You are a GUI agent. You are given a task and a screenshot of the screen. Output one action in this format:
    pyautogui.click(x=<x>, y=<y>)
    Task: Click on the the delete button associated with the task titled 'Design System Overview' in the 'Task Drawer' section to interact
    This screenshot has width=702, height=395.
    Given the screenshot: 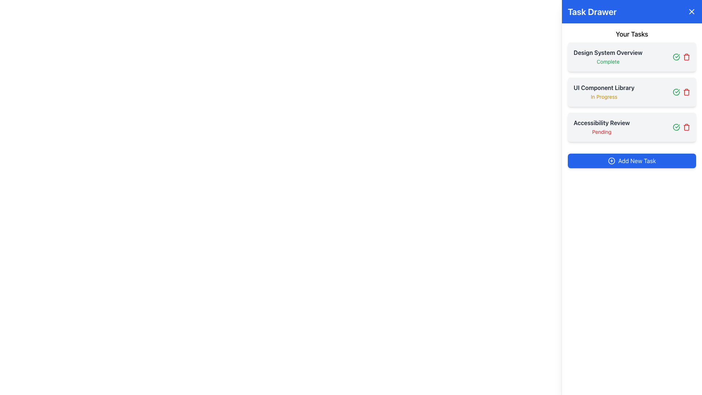 What is the action you would take?
    pyautogui.click(x=686, y=56)
    